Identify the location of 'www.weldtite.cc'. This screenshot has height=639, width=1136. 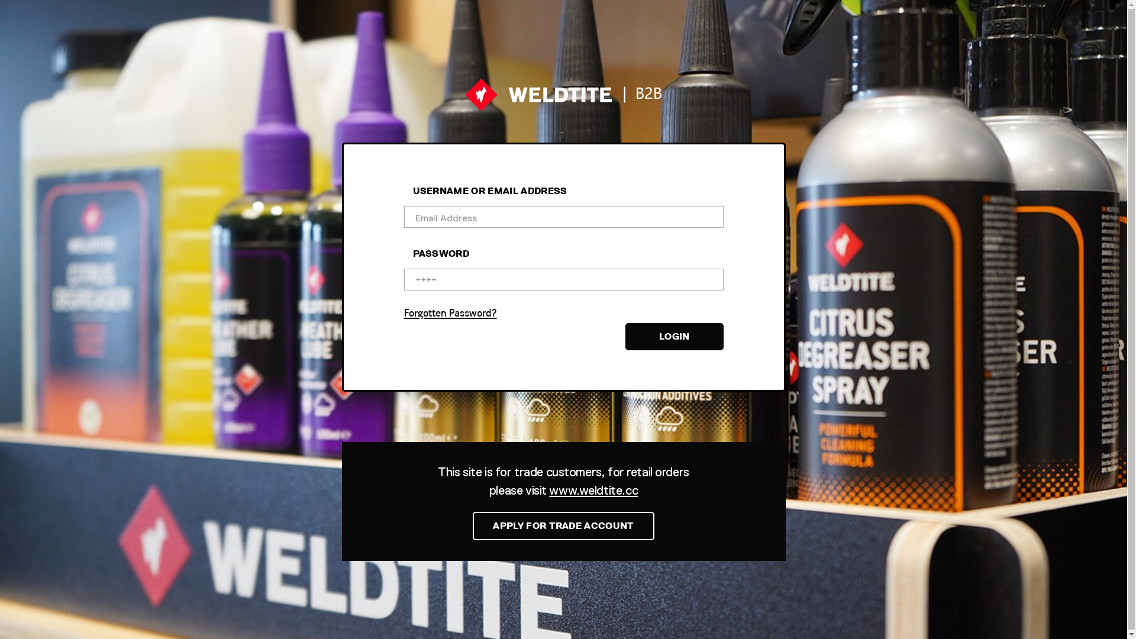
(593, 490).